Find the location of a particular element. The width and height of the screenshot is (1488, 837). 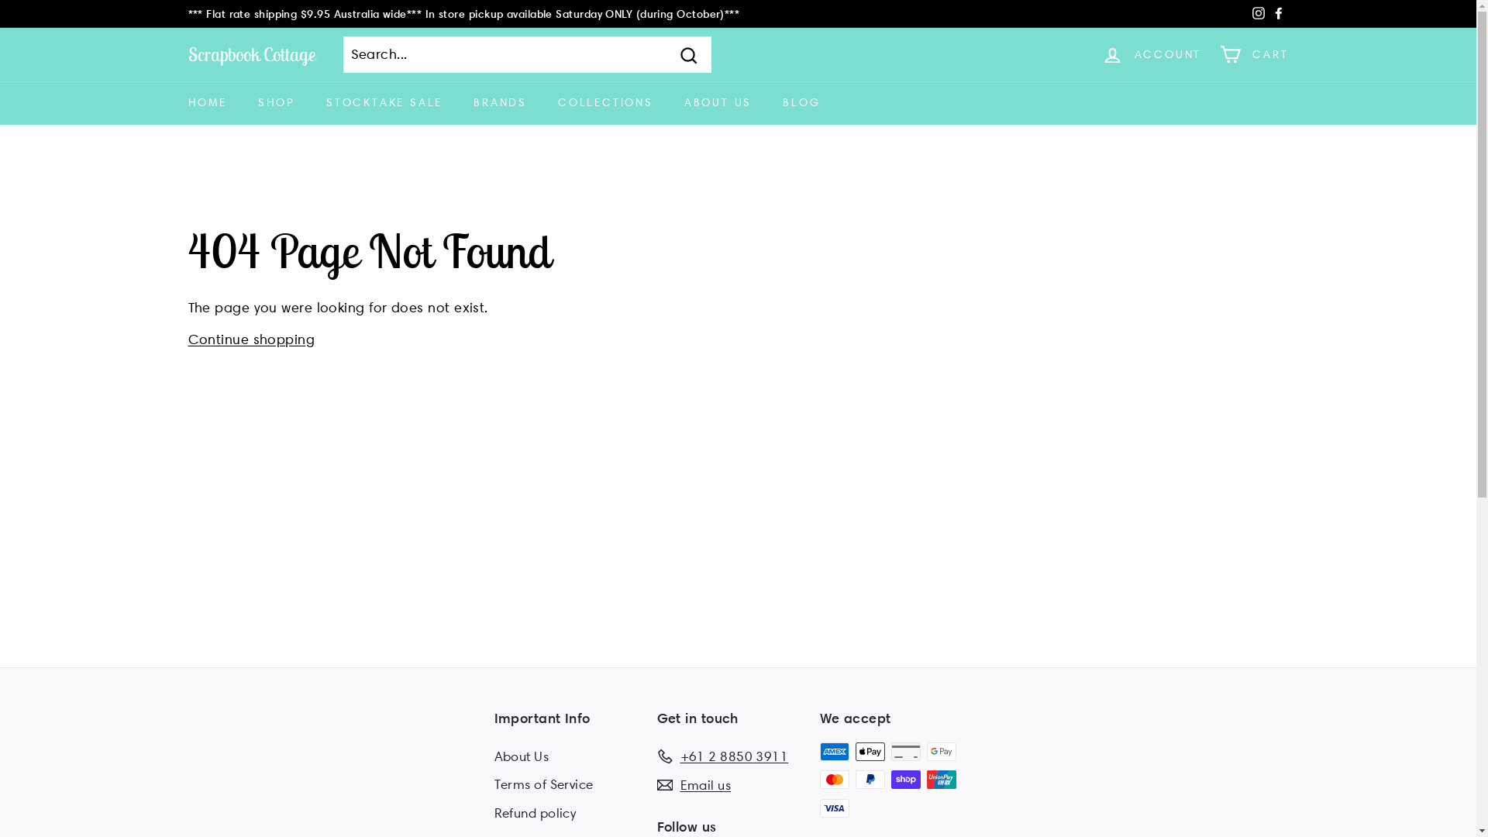

'BRANDS' is located at coordinates (500, 102).